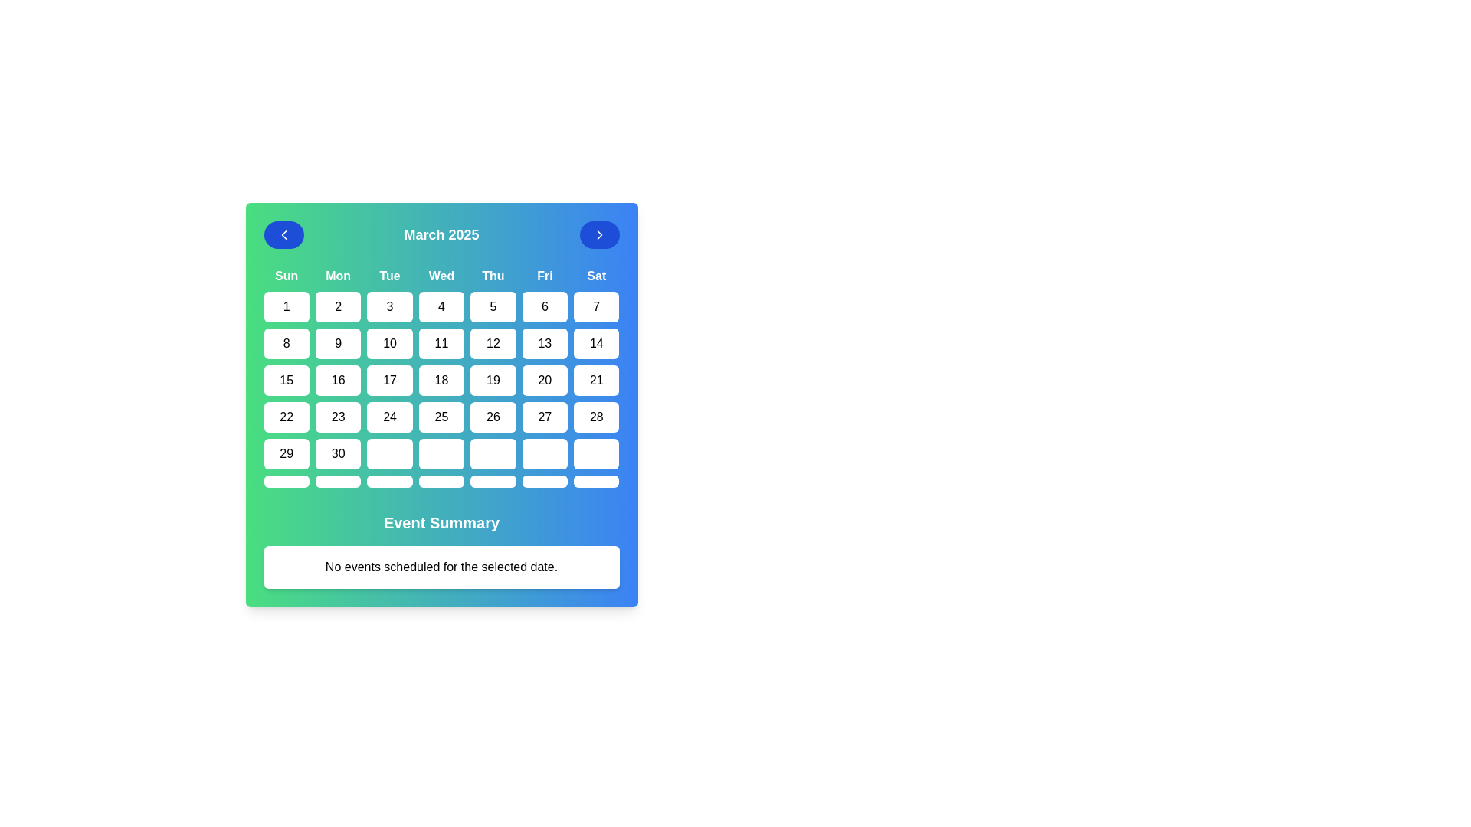 The image size is (1471, 827). Describe the element at coordinates (598, 235) in the screenshot. I see `the right arrow button located in the top-right section of the calendar interface, adjacent to the 'March 2025' label` at that location.